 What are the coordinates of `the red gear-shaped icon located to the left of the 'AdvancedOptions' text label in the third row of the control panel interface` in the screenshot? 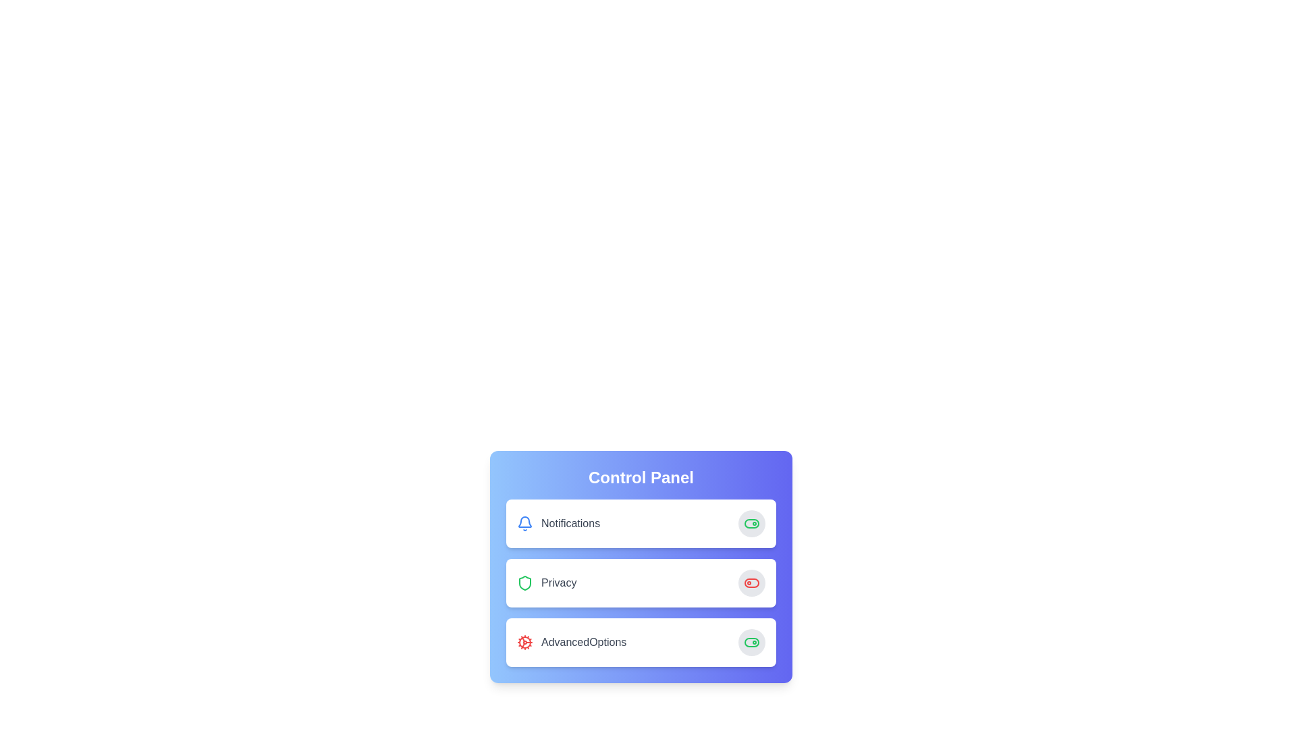 It's located at (524, 642).